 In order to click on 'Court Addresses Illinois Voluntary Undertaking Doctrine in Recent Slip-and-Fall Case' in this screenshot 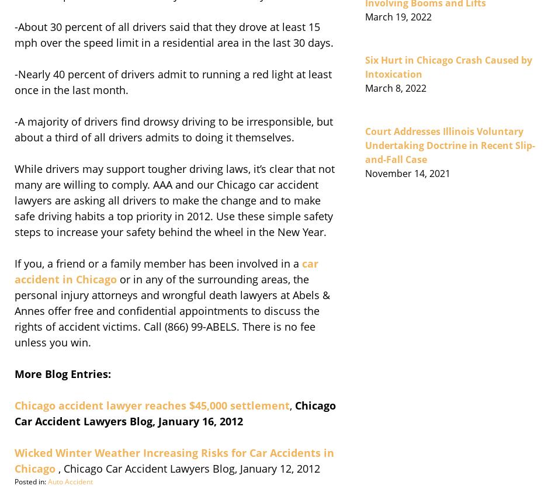, I will do `click(449, 144)`.